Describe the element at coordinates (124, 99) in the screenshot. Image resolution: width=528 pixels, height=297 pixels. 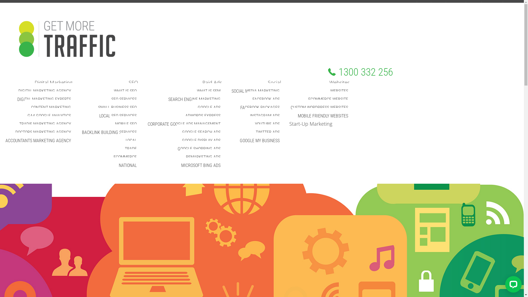
I see `'SEO SERVICES'` at that location.